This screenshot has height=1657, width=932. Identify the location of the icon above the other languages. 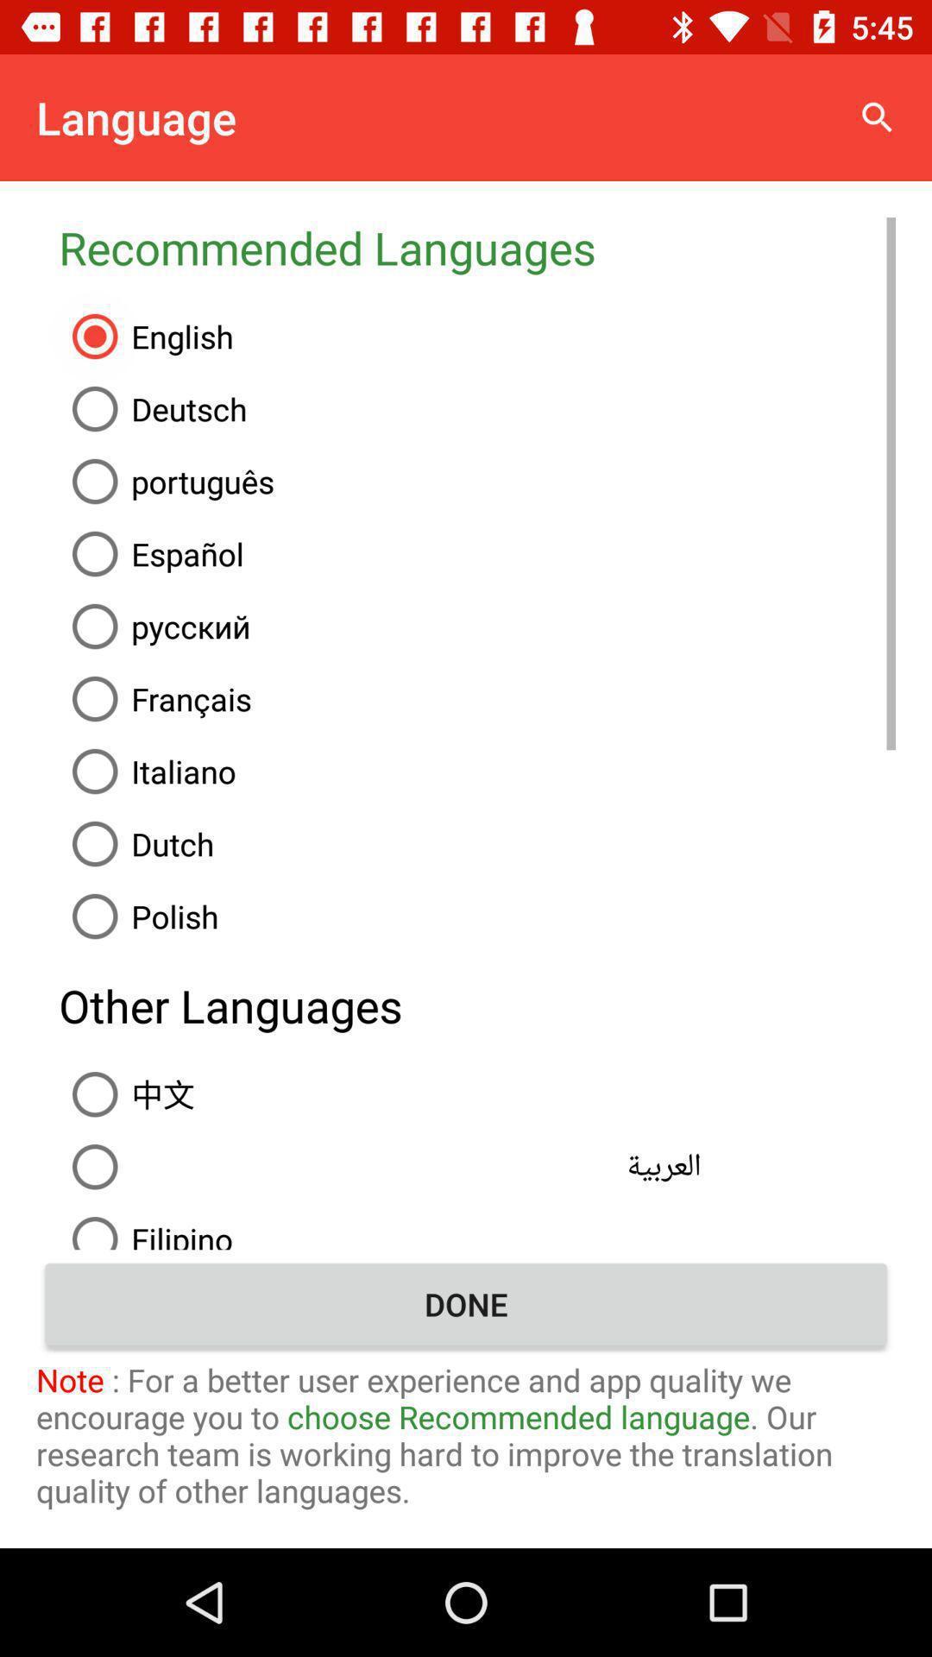
(477, 915).